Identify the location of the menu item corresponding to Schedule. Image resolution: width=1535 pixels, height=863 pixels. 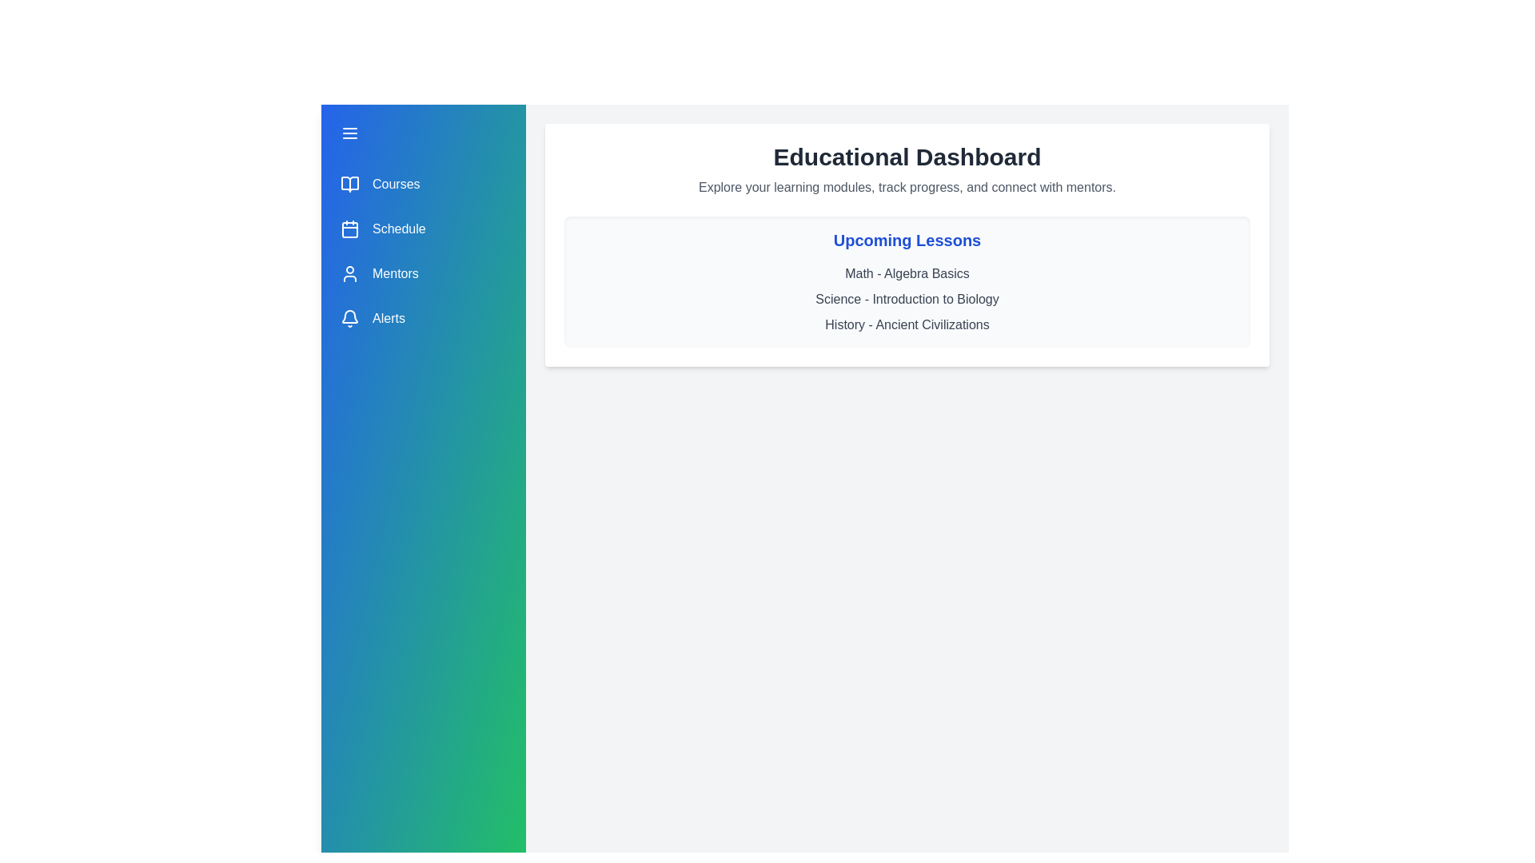
(423, 229).